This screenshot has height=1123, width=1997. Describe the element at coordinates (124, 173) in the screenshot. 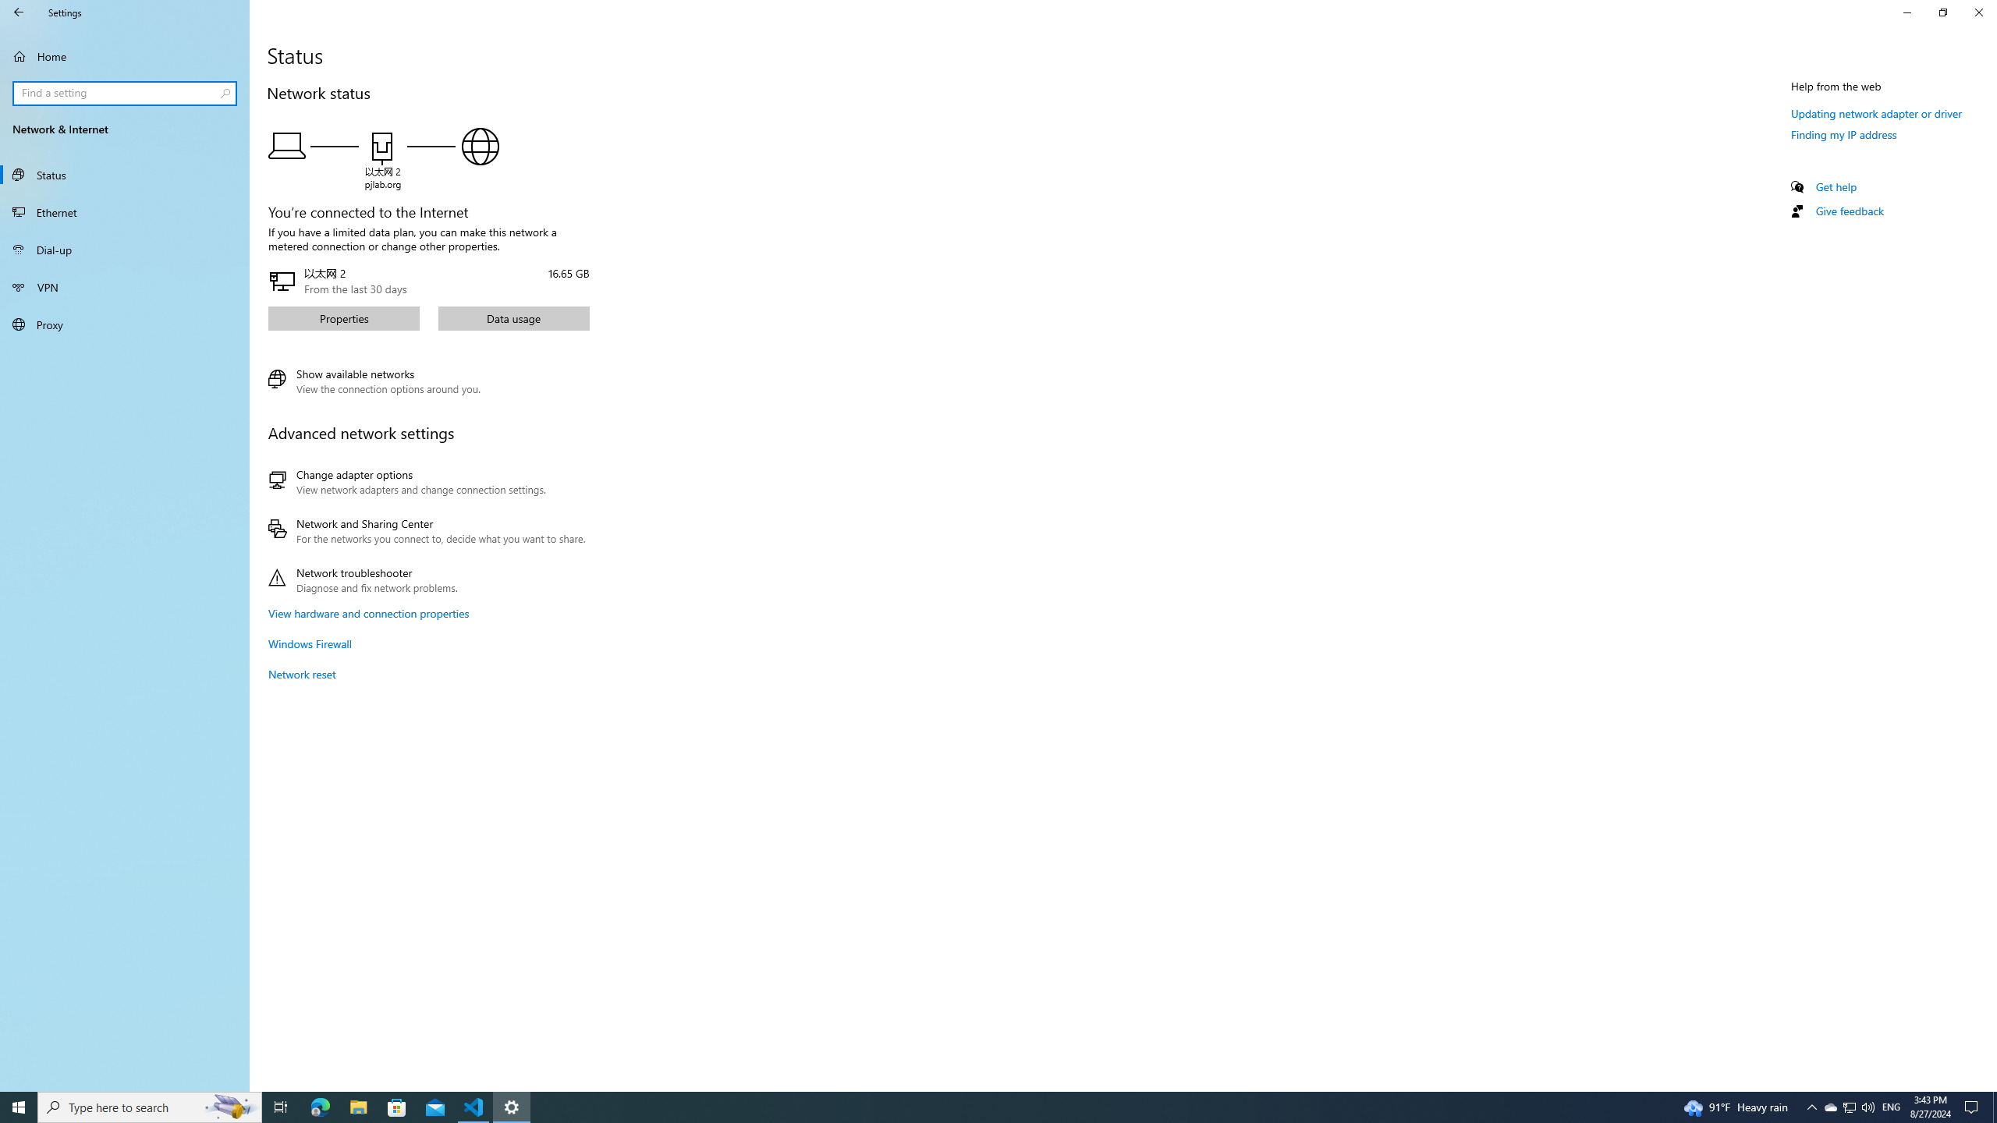

I see `'Status'` at that location.